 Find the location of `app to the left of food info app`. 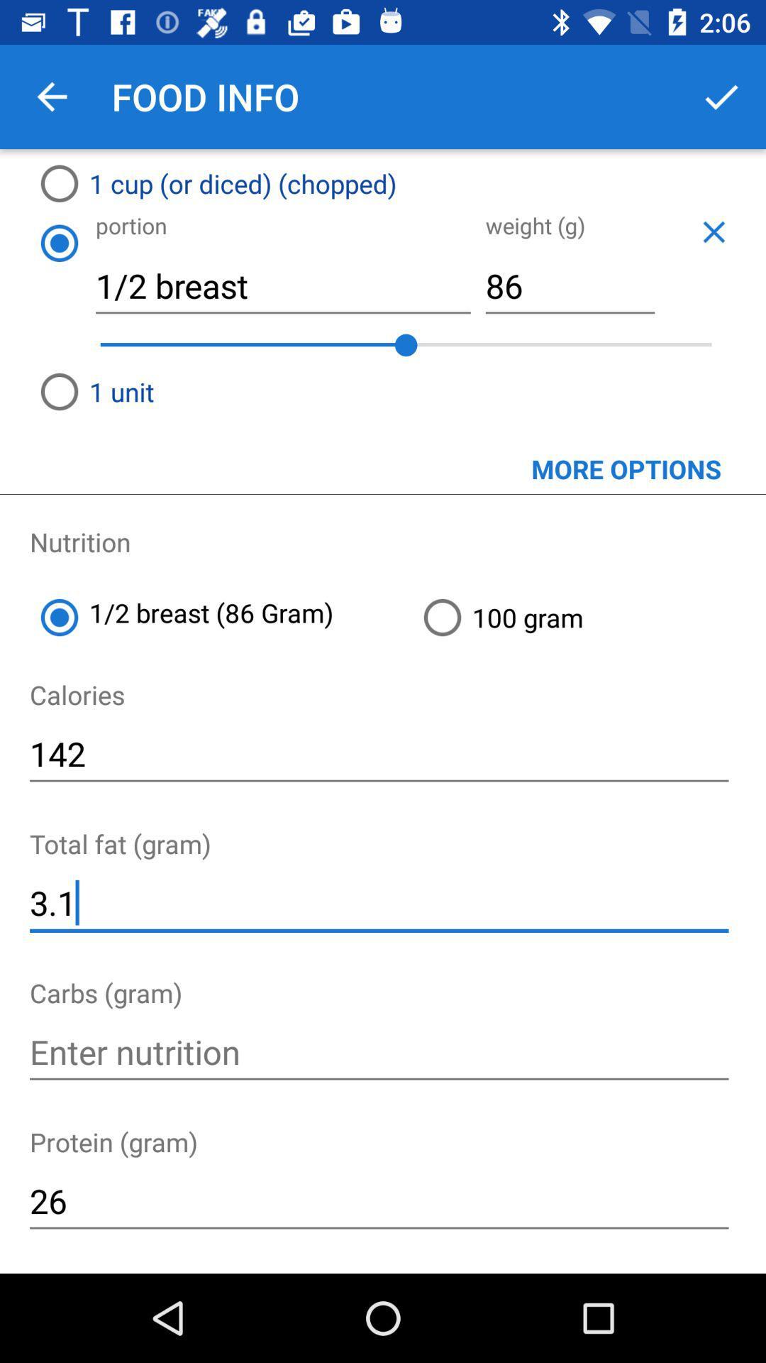

app to the left of food info app is located at coordinates (51, 96).